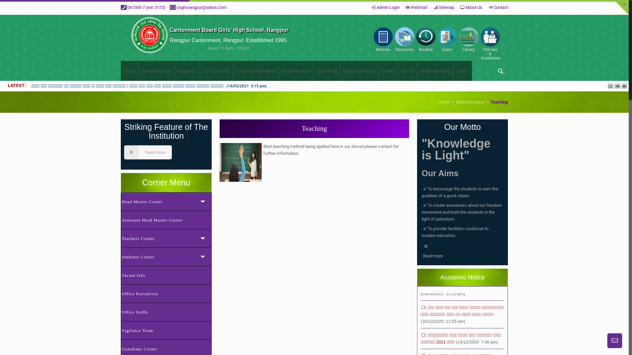 The image size is (632, 355). Describe the element at coordinates (500, 7) in the screenshot. I see `'Contact'` at that location.